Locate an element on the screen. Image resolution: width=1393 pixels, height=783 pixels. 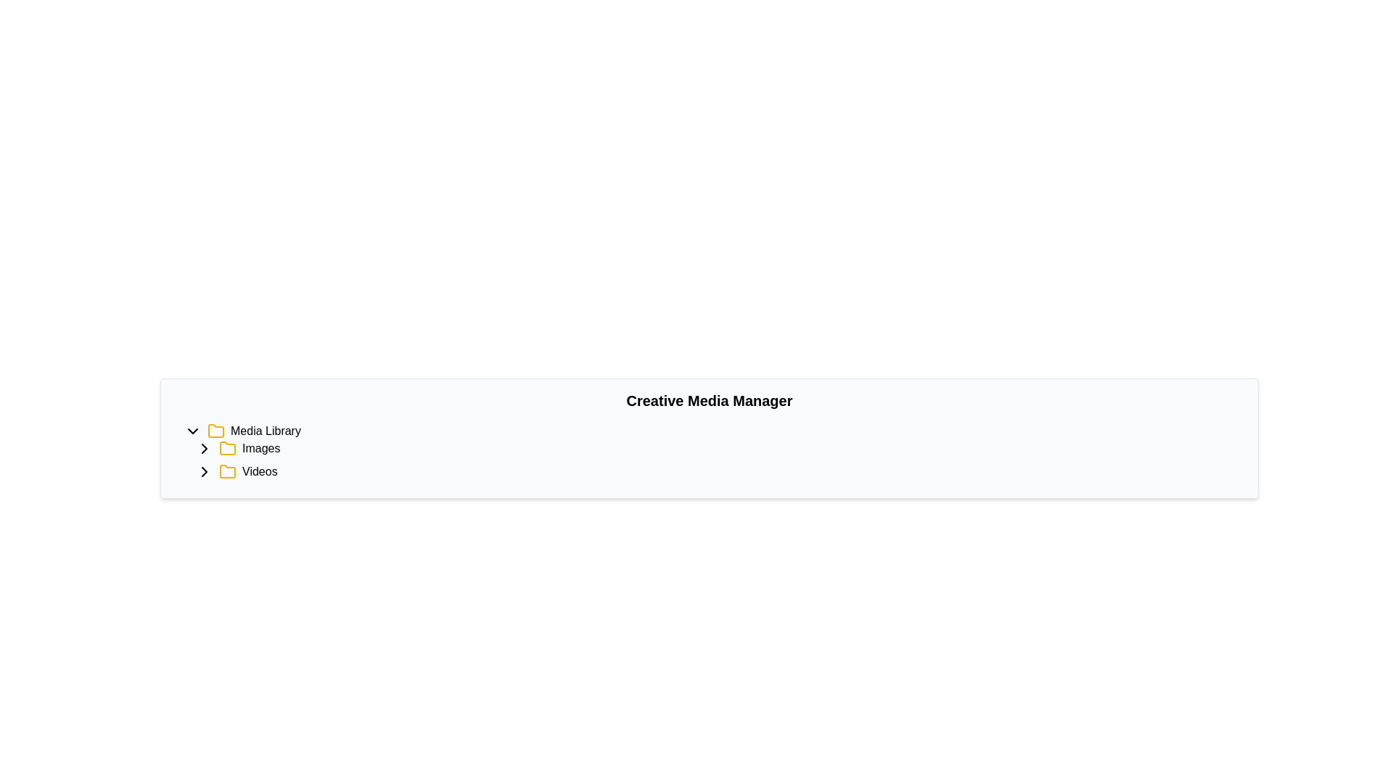
the folder icon representing the 'Images' category in the Media Library section of the file browser interface is located at coordinates (226, 447).